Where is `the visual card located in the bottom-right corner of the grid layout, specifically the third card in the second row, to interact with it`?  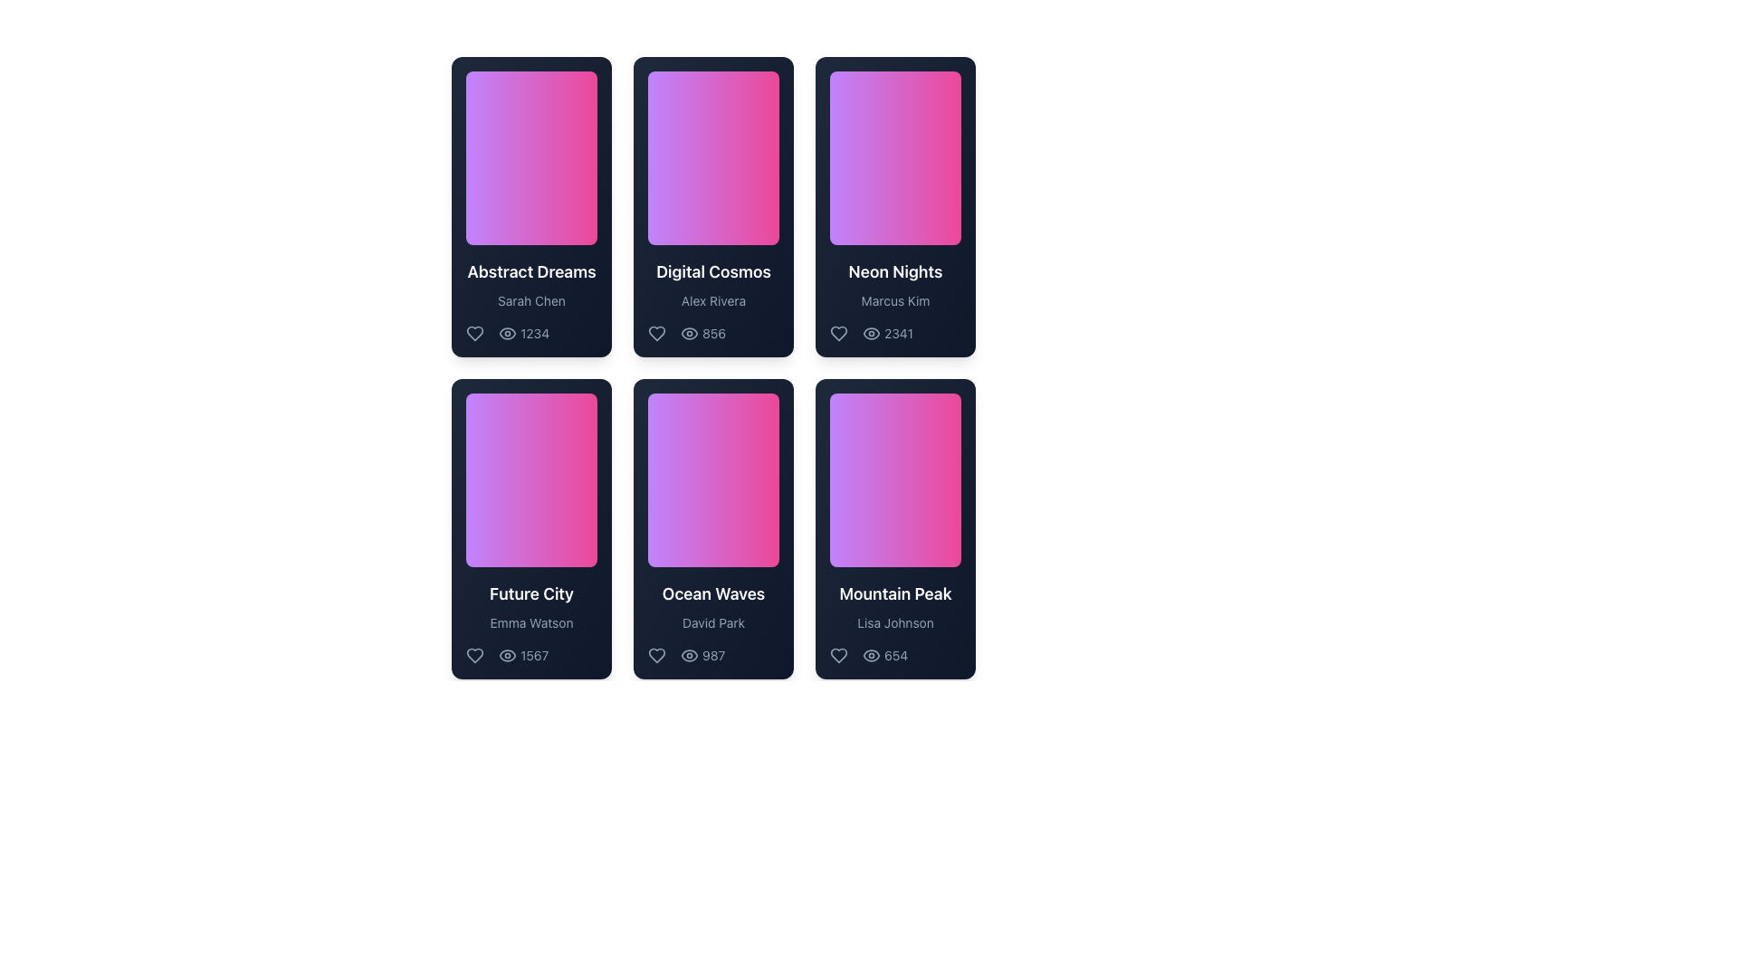 the visual card located in the bottom-right corner of the grid layout, specifically the third card in the second row, to interact with it is located at coordinates (895, 529).